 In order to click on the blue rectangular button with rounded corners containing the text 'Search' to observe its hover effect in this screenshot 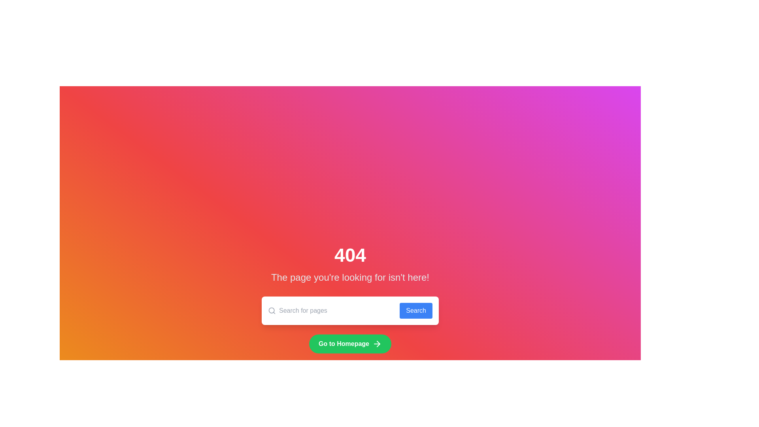, I will do `click(415, 310)`.